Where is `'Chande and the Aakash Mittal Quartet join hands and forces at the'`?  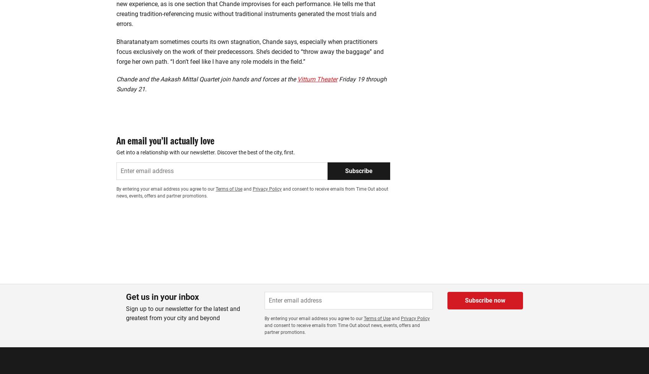
'Chande and the Aakash Mittal Quartet join hands and forces at the' is located at coordinates (206, 44).